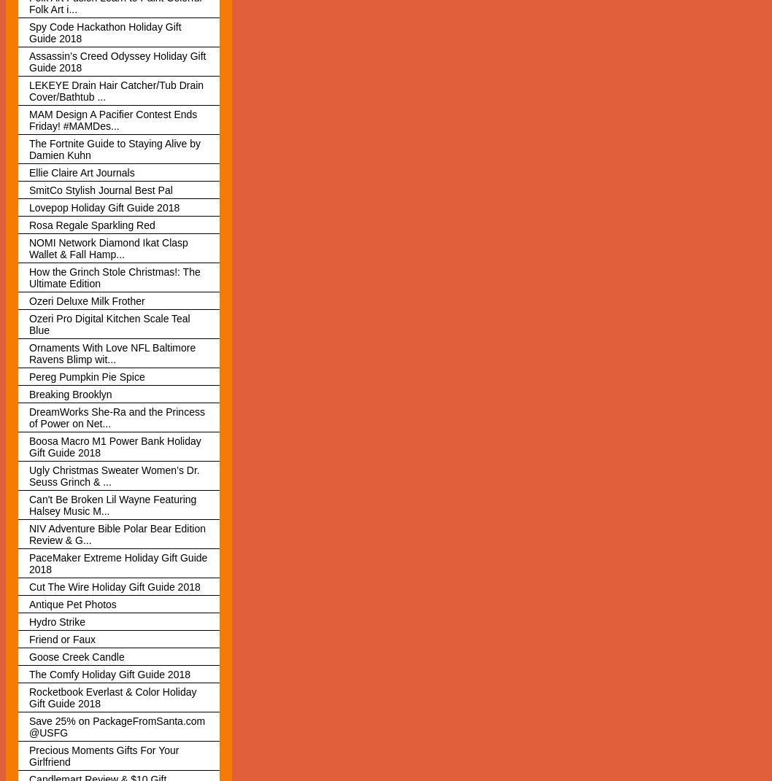  Describe the element at coordinates (117, 562) in the screenshot. I see `'PaceMaker Extreme  Holiday Gift Guide 2018'` at that location.